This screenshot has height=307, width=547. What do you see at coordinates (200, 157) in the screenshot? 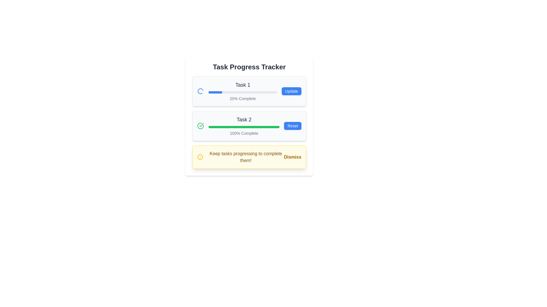
I see `the circular icon with a yellow outline located at the leftmost part of the notification bar, which is part of a yellow-highlighted notification box` at bounding box center [200, 157].